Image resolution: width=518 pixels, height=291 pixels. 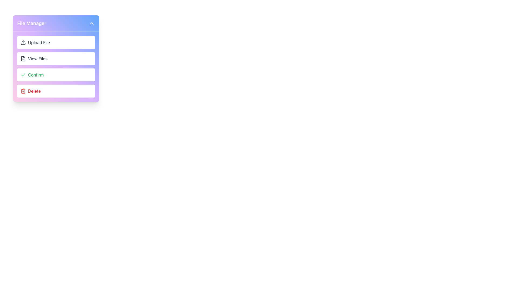 I want to click on the icon located to the left of the 'View Files' label in the 'File Manager' interface, which is part of the second menu item in the list, so click(x=23, y=59).